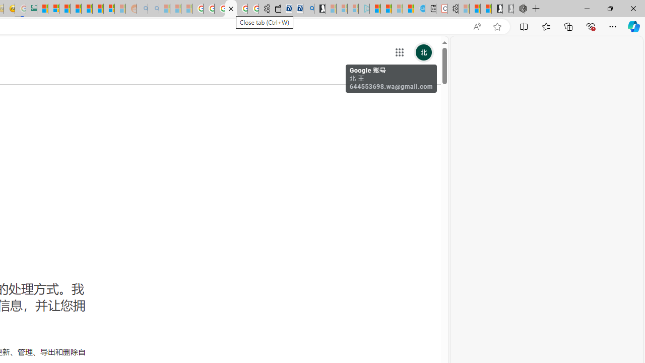 The height and width of the screenshot is (363, 645). What do you see at coordinates (399, 52) in the screenshot?
I see `'Class: gb_E'` at bounding box center [399, 52].